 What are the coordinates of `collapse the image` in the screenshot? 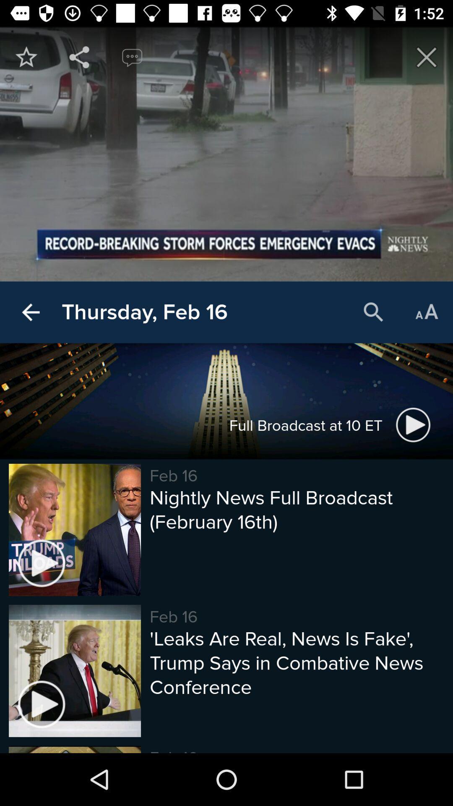 It's located at (427, 57).